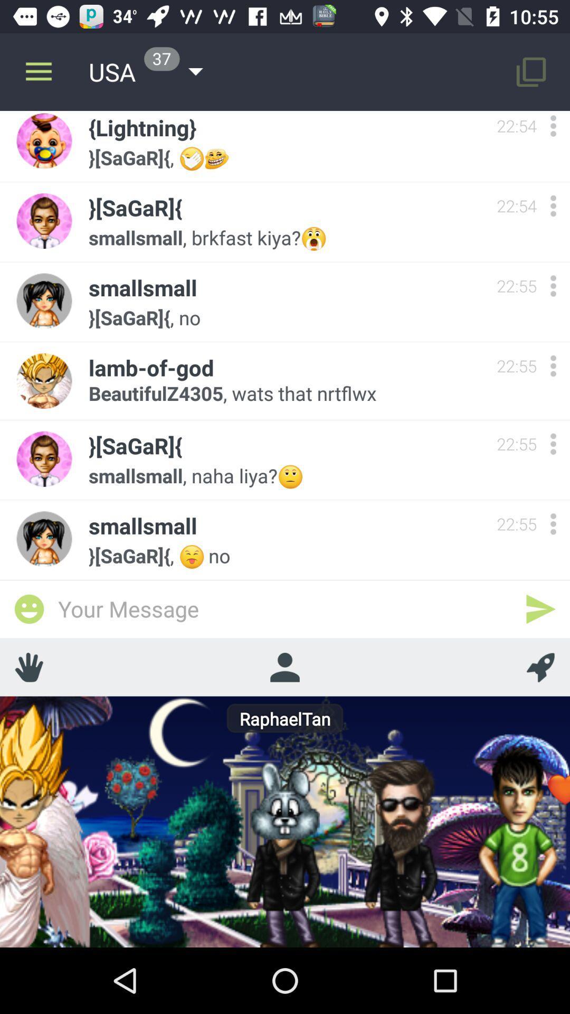 The height and width of the screenshot is (1014, 570). I want to click on options, so click(553, 286).